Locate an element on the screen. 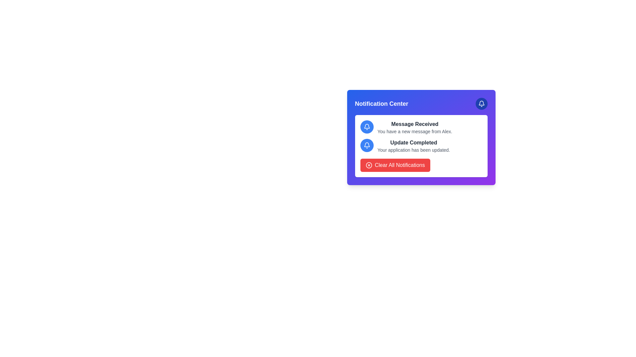  the circular blue button with a white outlined bell icon is located at coordinates (481, 103).